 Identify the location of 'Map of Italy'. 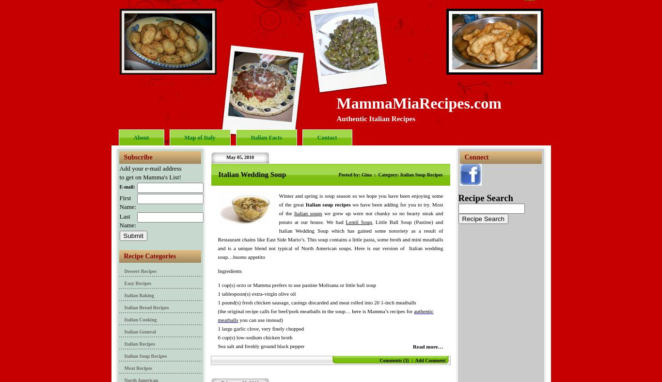
(199, 137).